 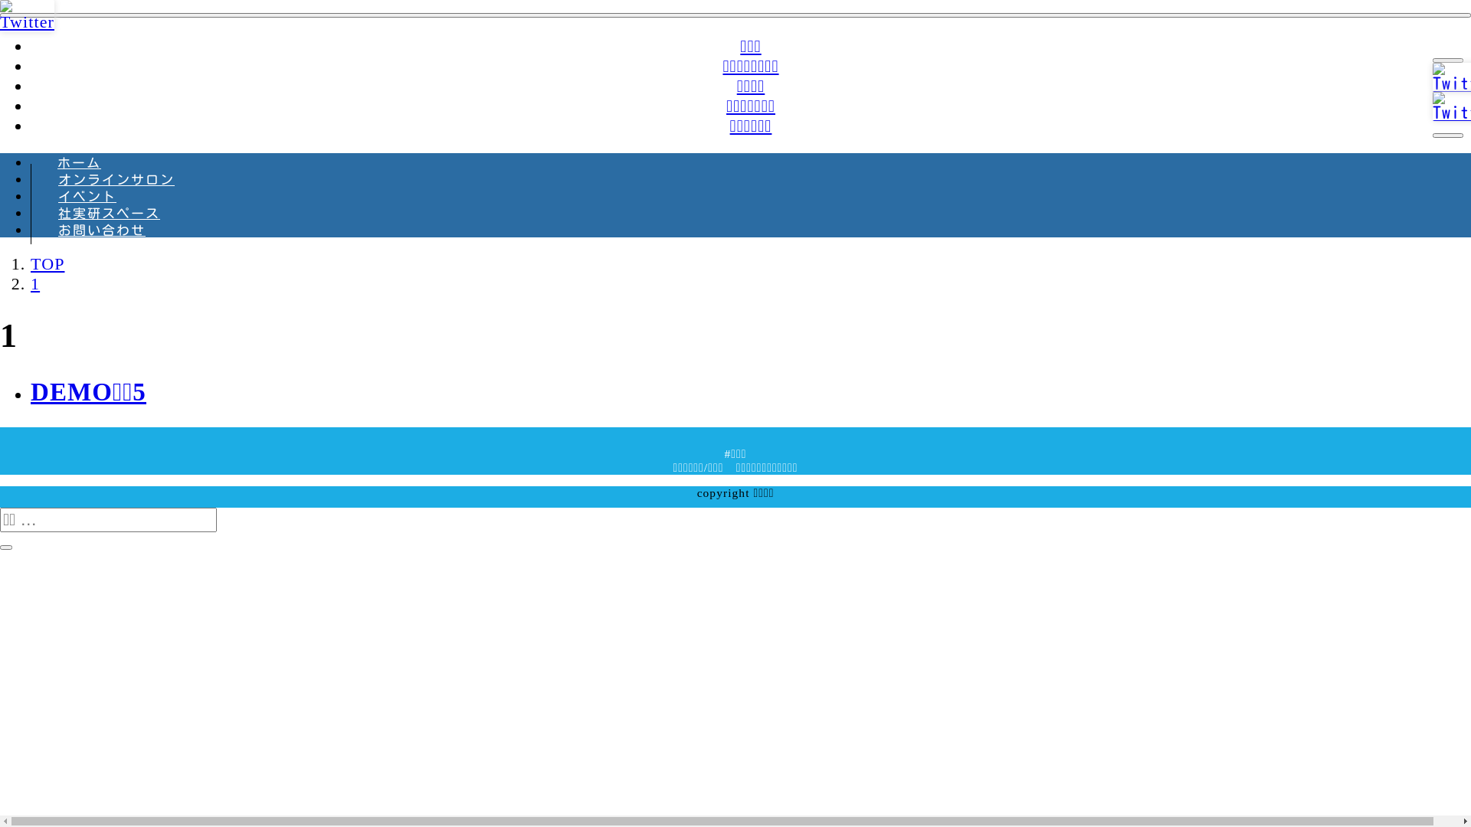 I want to click on 'TOP', so click(x=48, y=263).